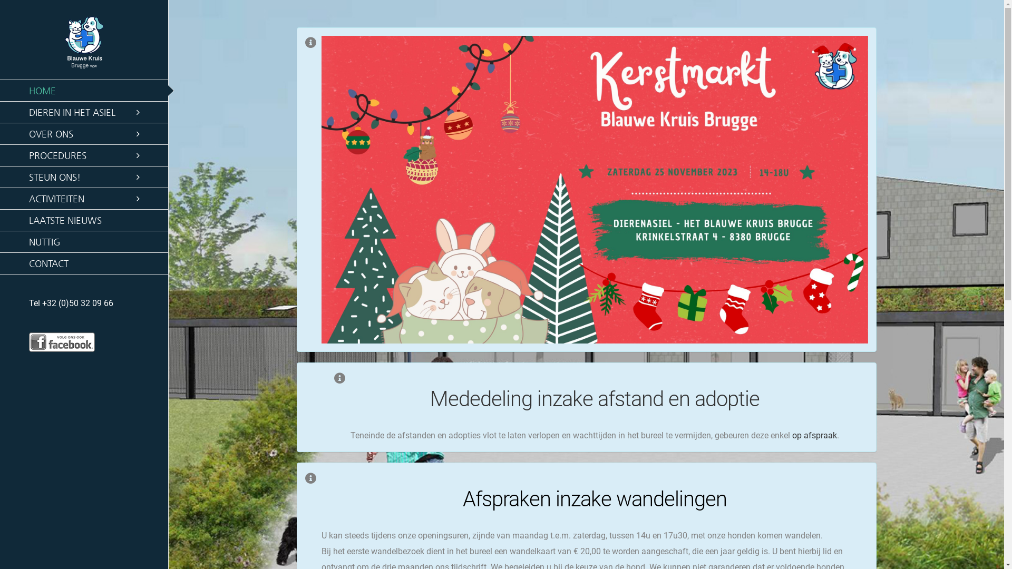  Describe the element at coordinates (83, 199) in the screenshot. I see `'ACTIVITEITEN'` at that location.